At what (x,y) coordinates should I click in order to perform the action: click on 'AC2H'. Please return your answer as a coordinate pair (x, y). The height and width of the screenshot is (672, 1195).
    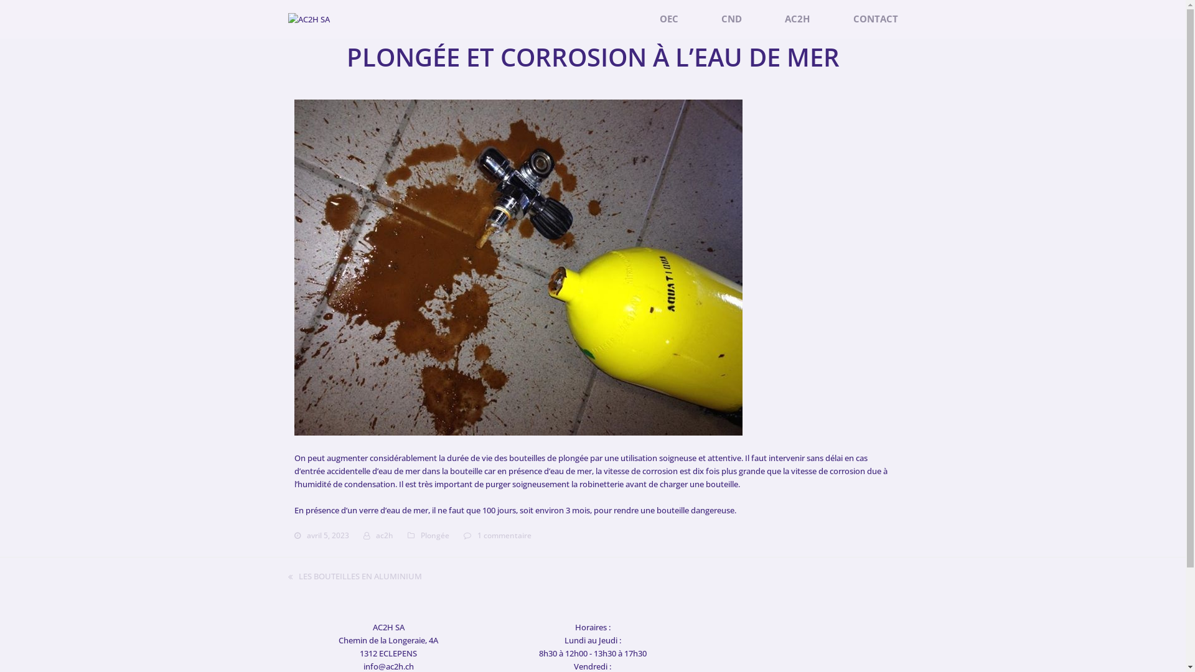
    Looking at the image, I should click on (772, 19).